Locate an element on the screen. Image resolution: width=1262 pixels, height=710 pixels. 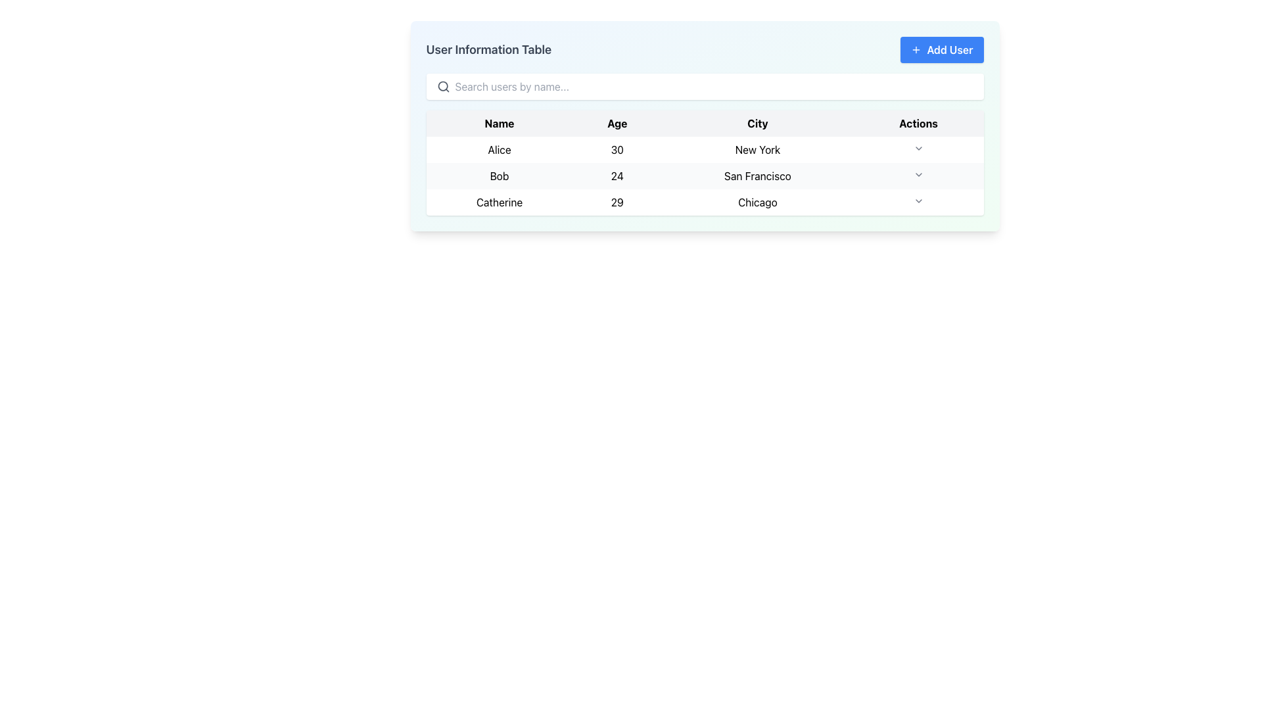
the text element displaying 'Alice' in bold black font, located in the first row of the 'Name' column of the user information table is located at coordinates (498, 149).